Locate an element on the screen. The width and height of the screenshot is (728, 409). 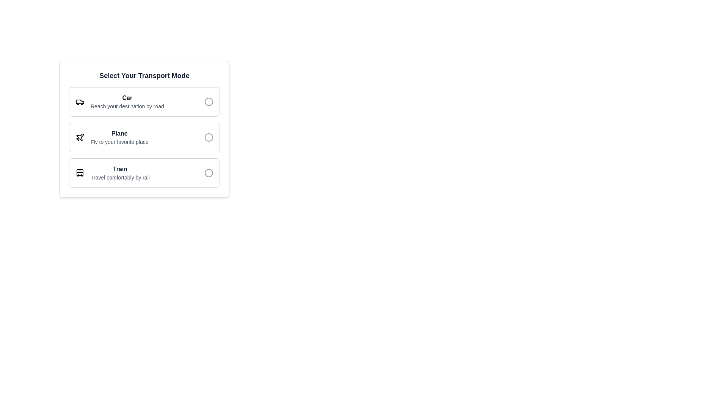
the text label that reads 'Travel comfortably by rail.' which is positioned beneath the 'Train' title in the options card labeled 'Select Your Transport Mode.' is located at coordinates (119, 178).